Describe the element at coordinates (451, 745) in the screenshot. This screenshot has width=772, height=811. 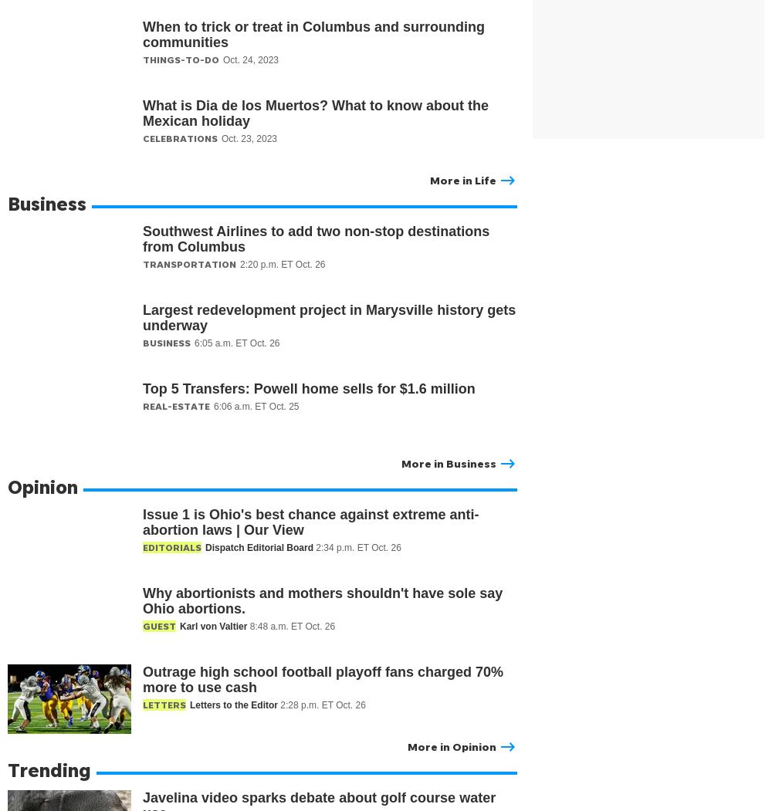
I see `'More in Opinion'` at that location.